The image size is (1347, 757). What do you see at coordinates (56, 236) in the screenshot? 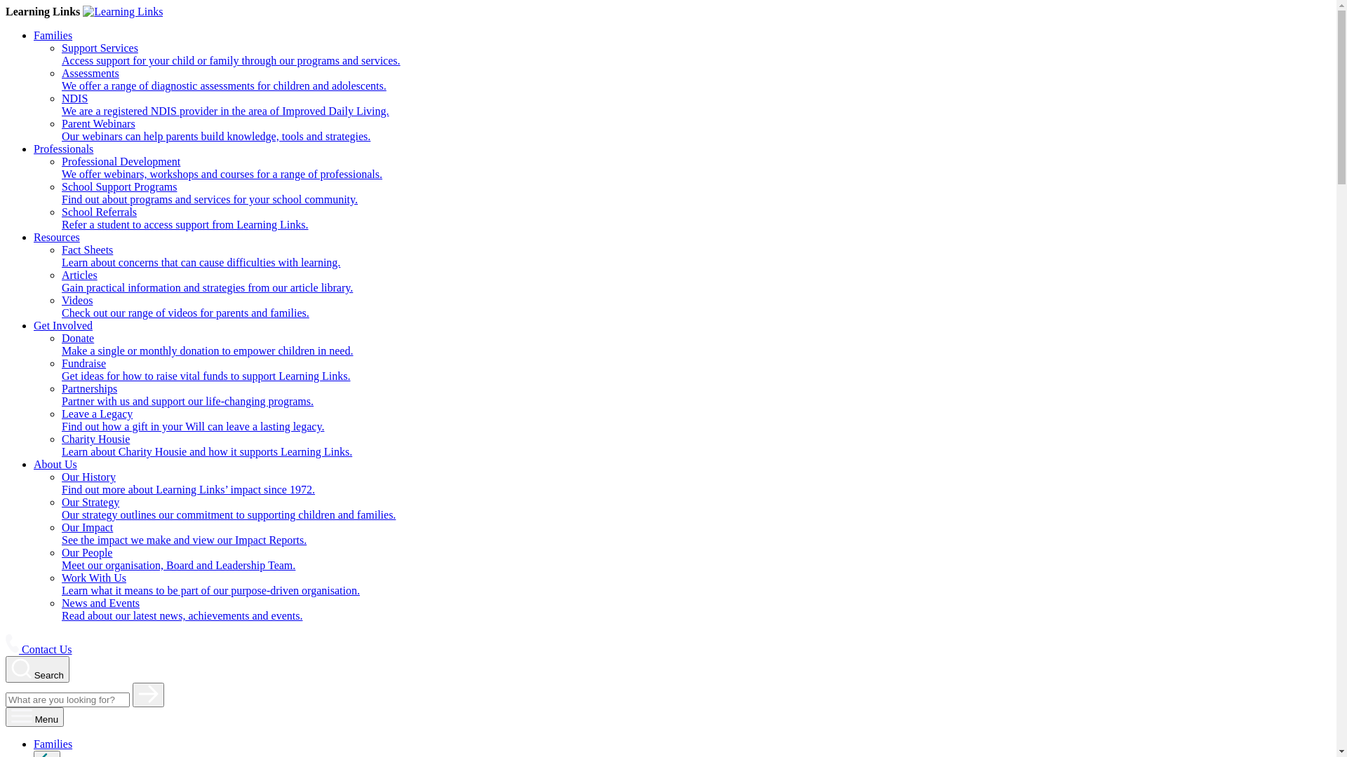
I see `'Resources'` at bounding box center [56, 236].